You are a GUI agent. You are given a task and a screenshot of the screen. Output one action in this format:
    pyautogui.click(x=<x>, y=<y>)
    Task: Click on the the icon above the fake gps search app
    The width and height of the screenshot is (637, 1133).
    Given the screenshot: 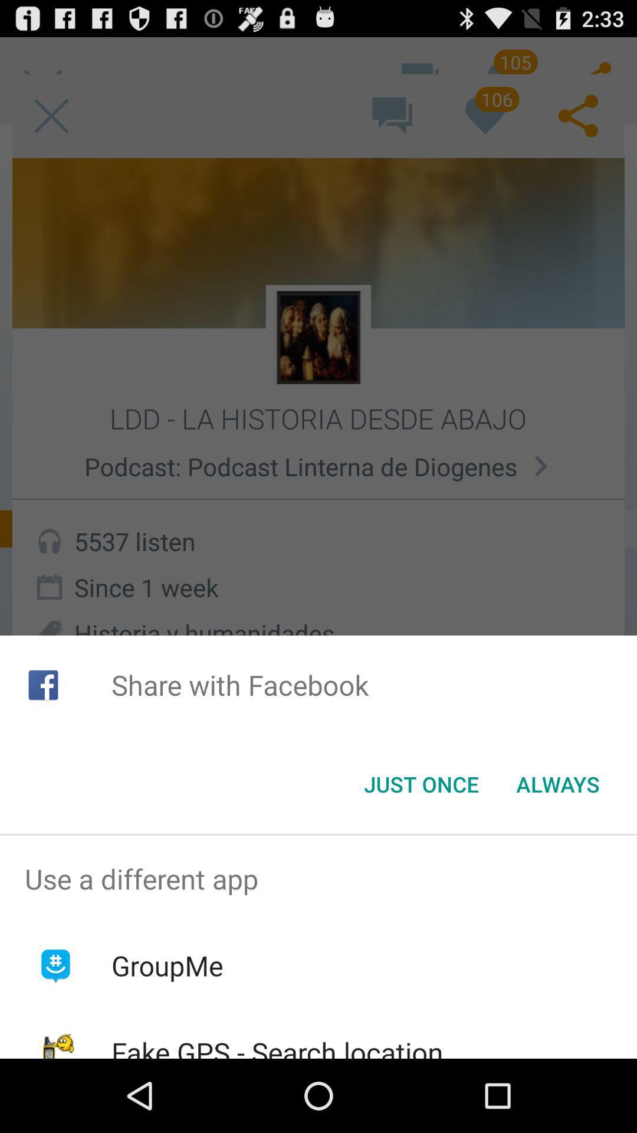 What is the action you would take?
    pyautogui.click(x=167, y=965)
    